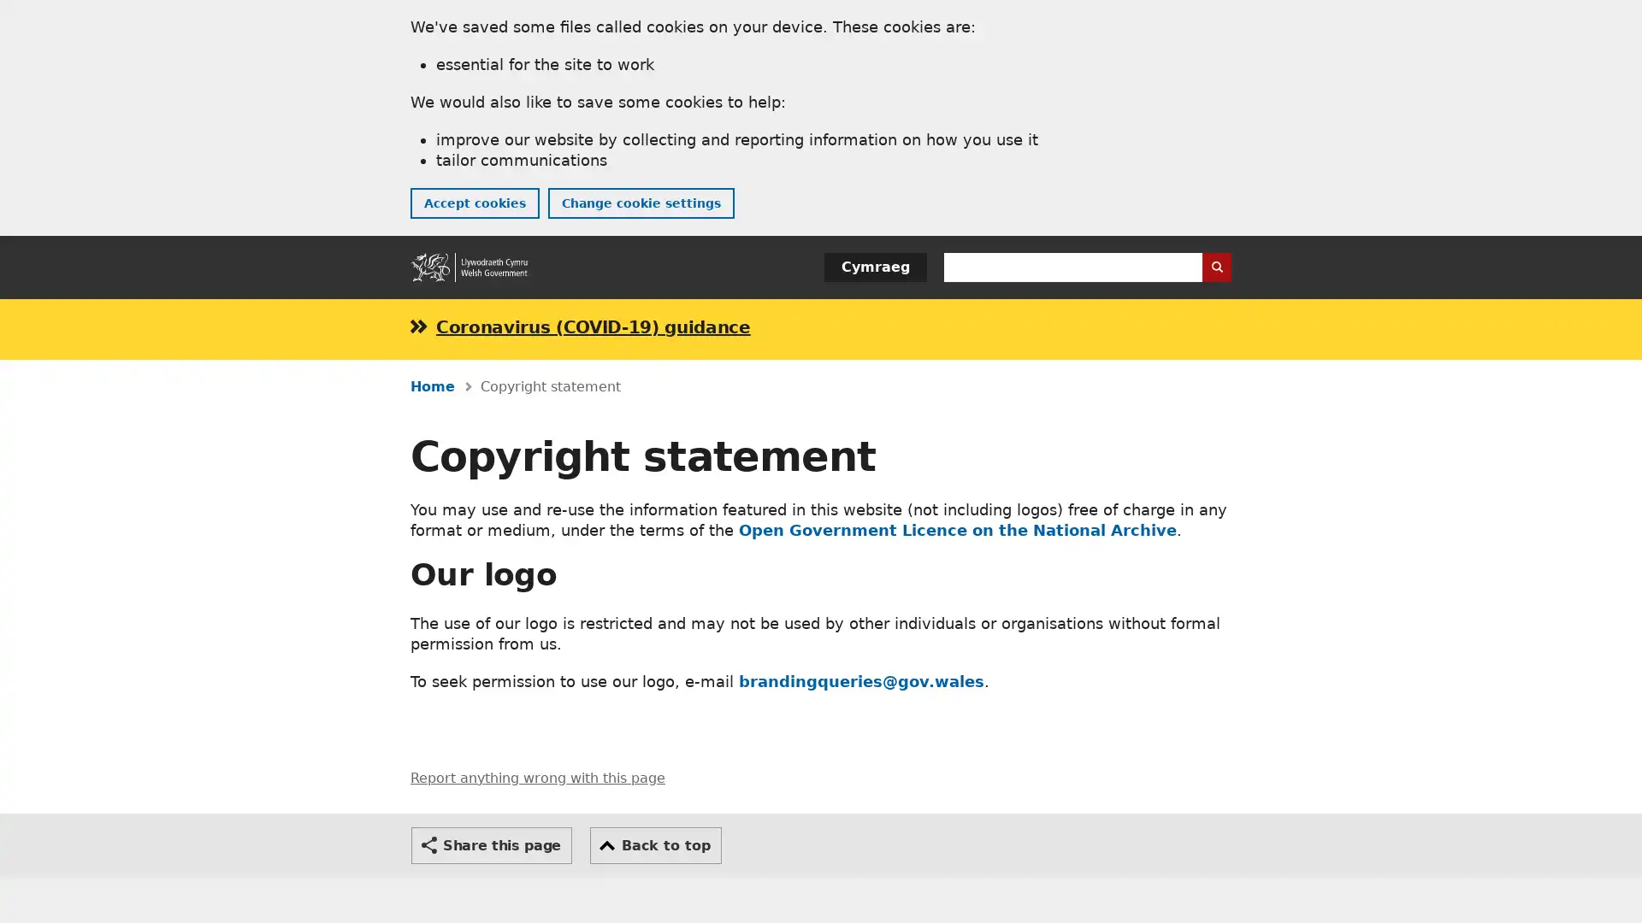 This screenshot has width=1642, height=923. What do you see at coordinates (491, 844) in the screenshot?
I see `Share this page` at bounding box center [491, 844].